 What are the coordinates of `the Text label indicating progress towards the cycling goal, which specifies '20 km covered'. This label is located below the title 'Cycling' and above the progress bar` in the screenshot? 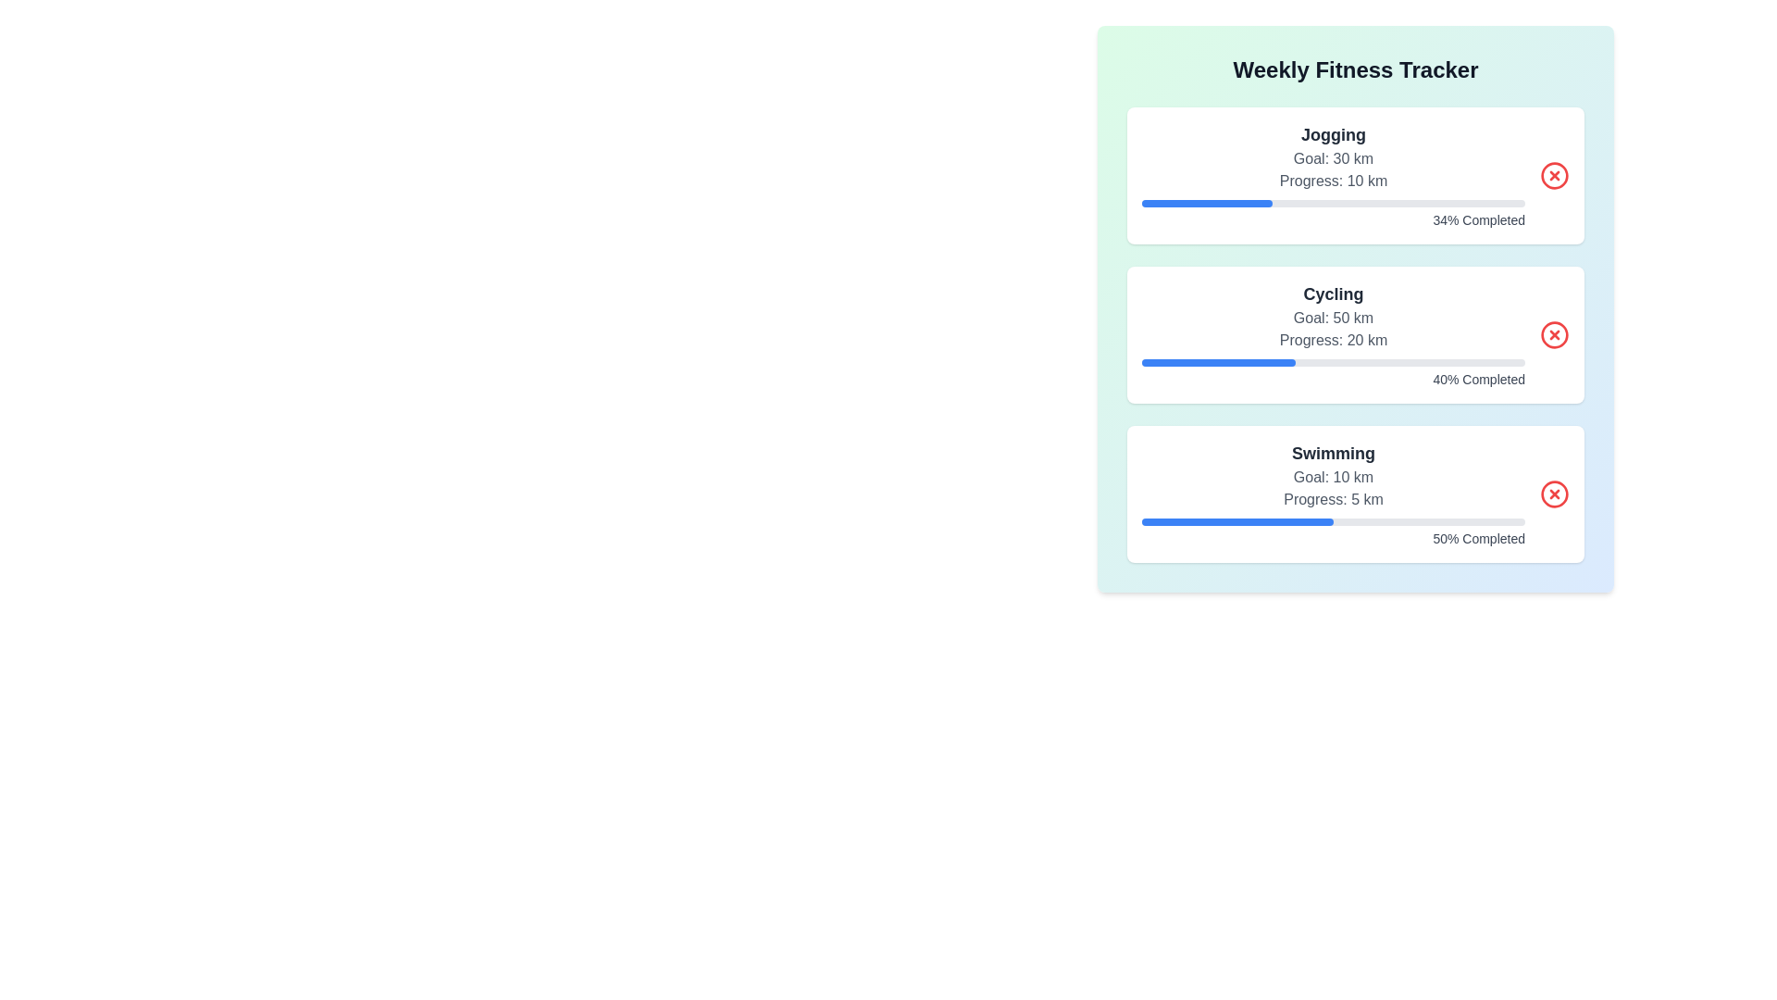 It's located at (1333, 340).